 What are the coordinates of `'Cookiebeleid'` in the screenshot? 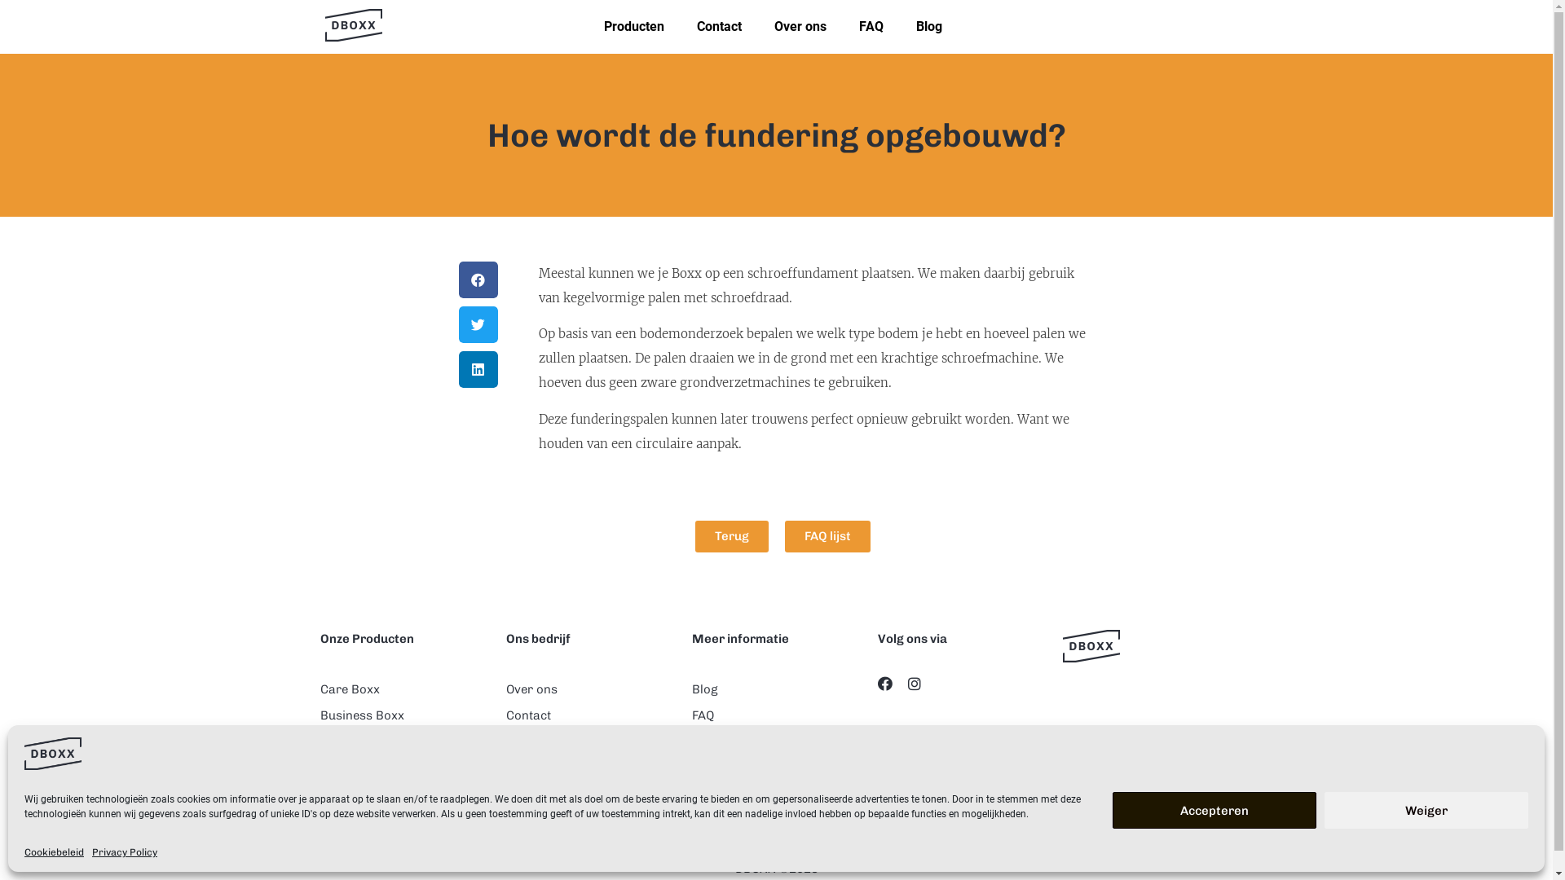 It's located at (54, 851).